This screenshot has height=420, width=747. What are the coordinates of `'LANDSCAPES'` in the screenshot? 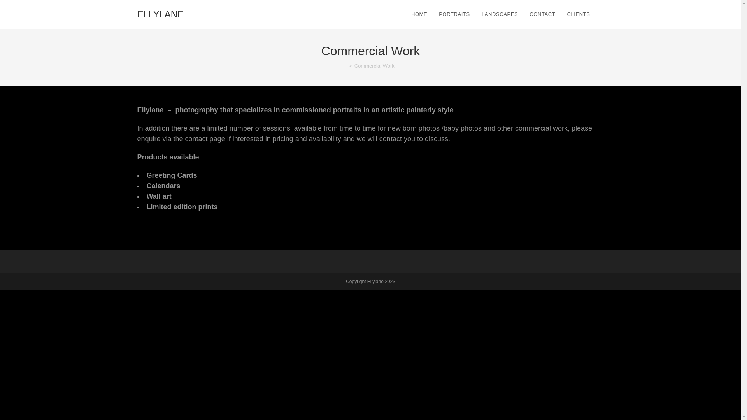 It's located at (500, 14).